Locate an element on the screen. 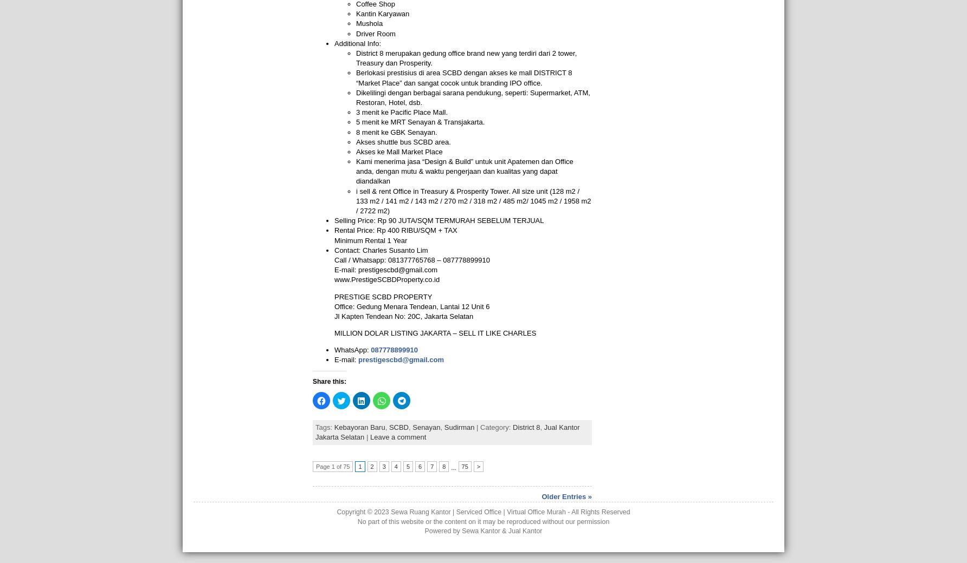 This screenshot has width=967, height=563. 'Senayan' is located at coordinates (426, 427).